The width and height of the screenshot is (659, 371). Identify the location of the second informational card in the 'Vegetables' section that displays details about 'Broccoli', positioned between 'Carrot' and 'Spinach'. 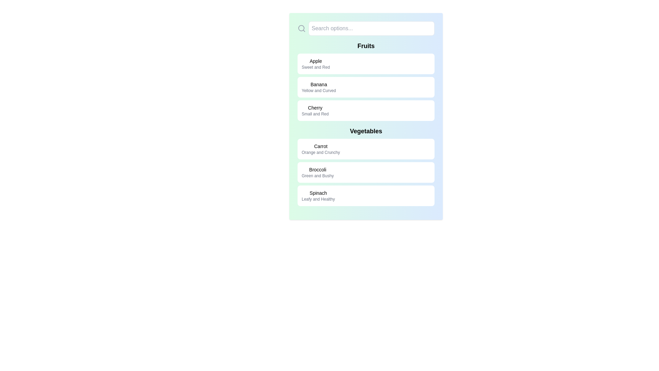
(366, 172).